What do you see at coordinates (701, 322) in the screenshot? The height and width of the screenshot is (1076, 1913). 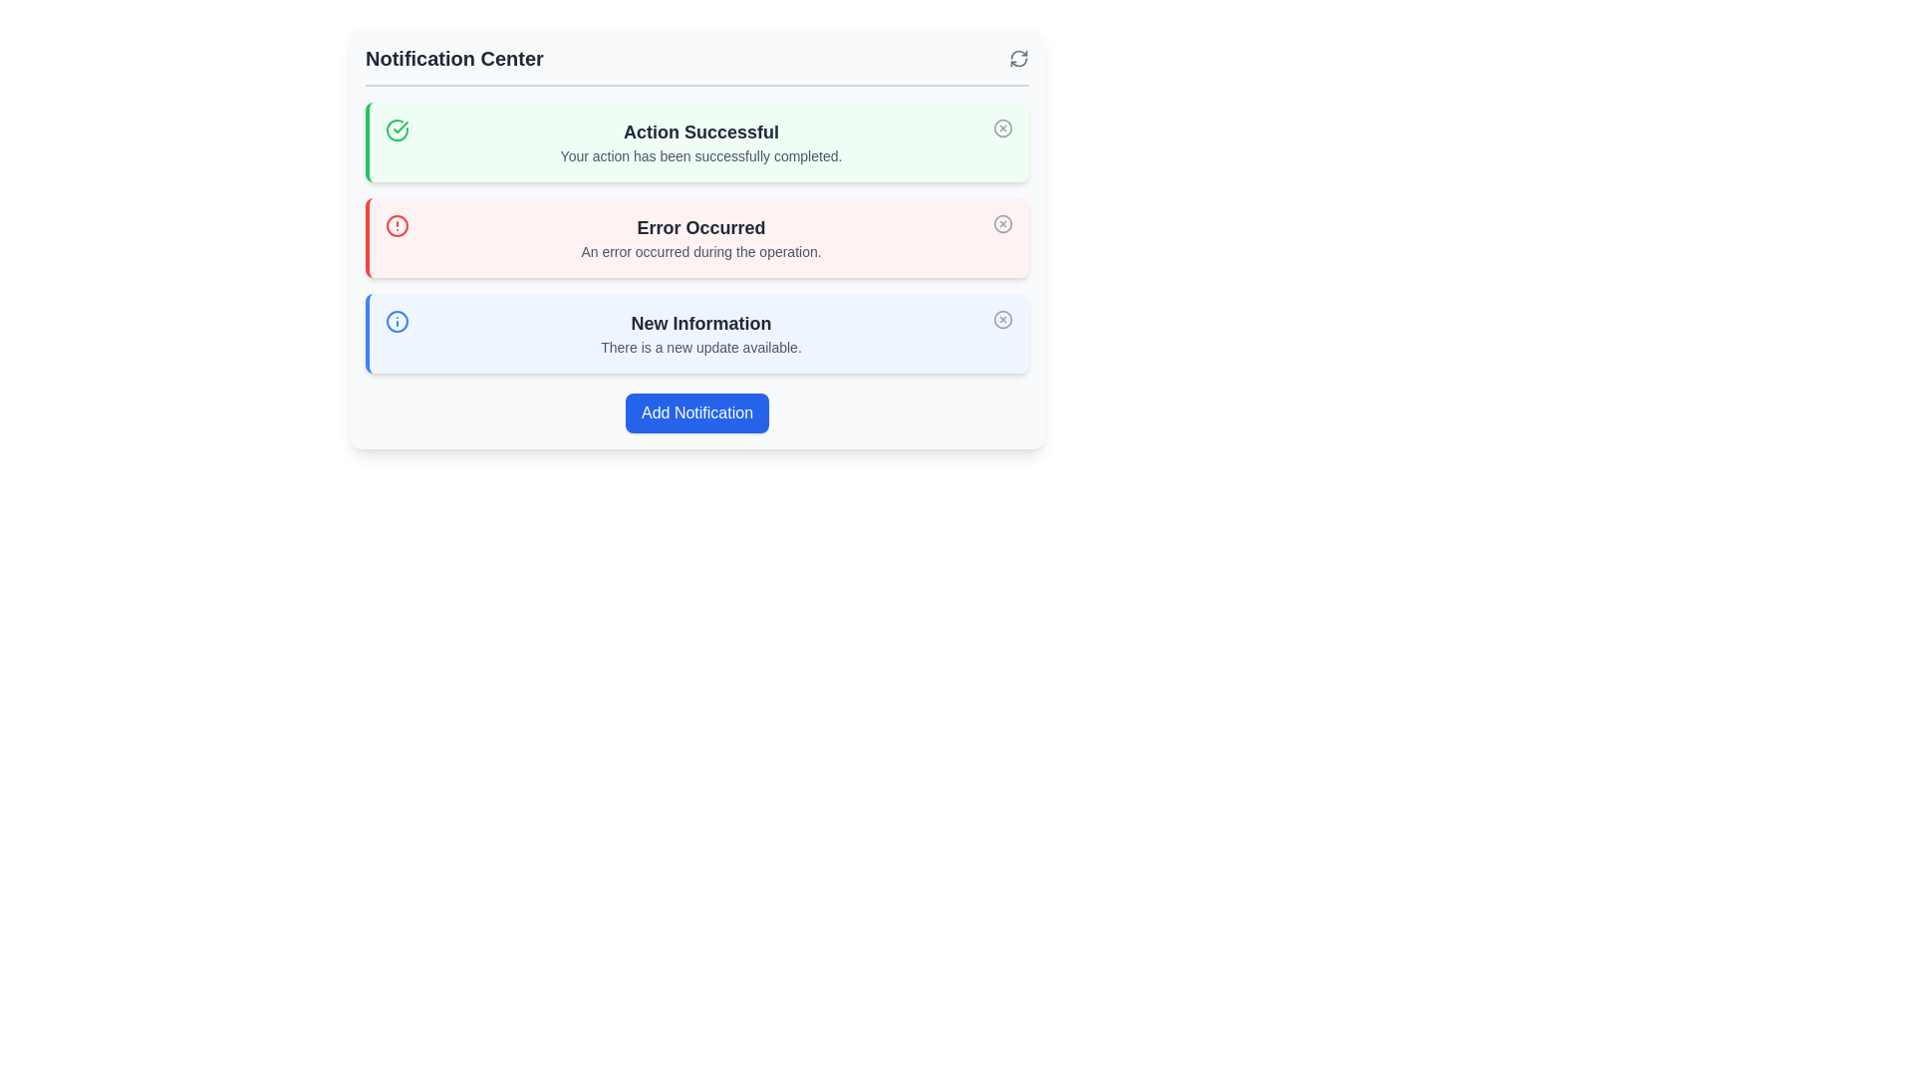 I see `the text label displaying 'New Information' in bold, large dark gray font within the light blue notification card` at bounding box center [701, 322].